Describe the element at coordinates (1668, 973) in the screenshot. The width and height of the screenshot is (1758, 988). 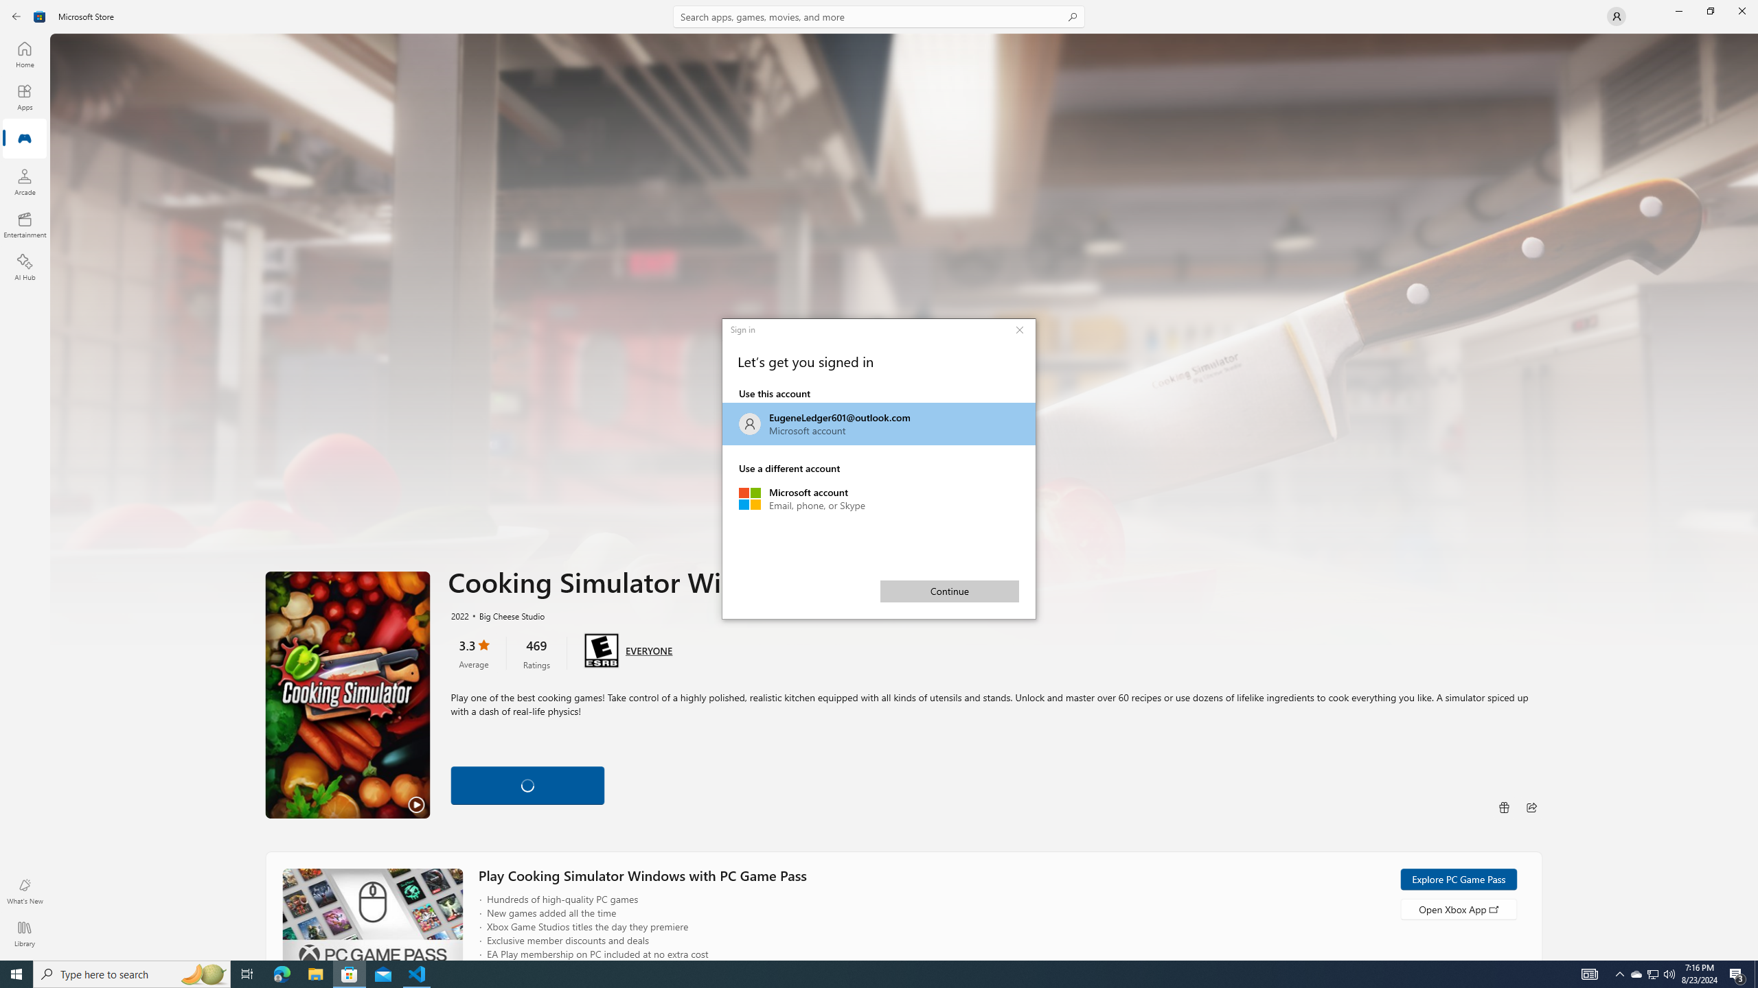
I see `'Q2790: 100%'` at that location.